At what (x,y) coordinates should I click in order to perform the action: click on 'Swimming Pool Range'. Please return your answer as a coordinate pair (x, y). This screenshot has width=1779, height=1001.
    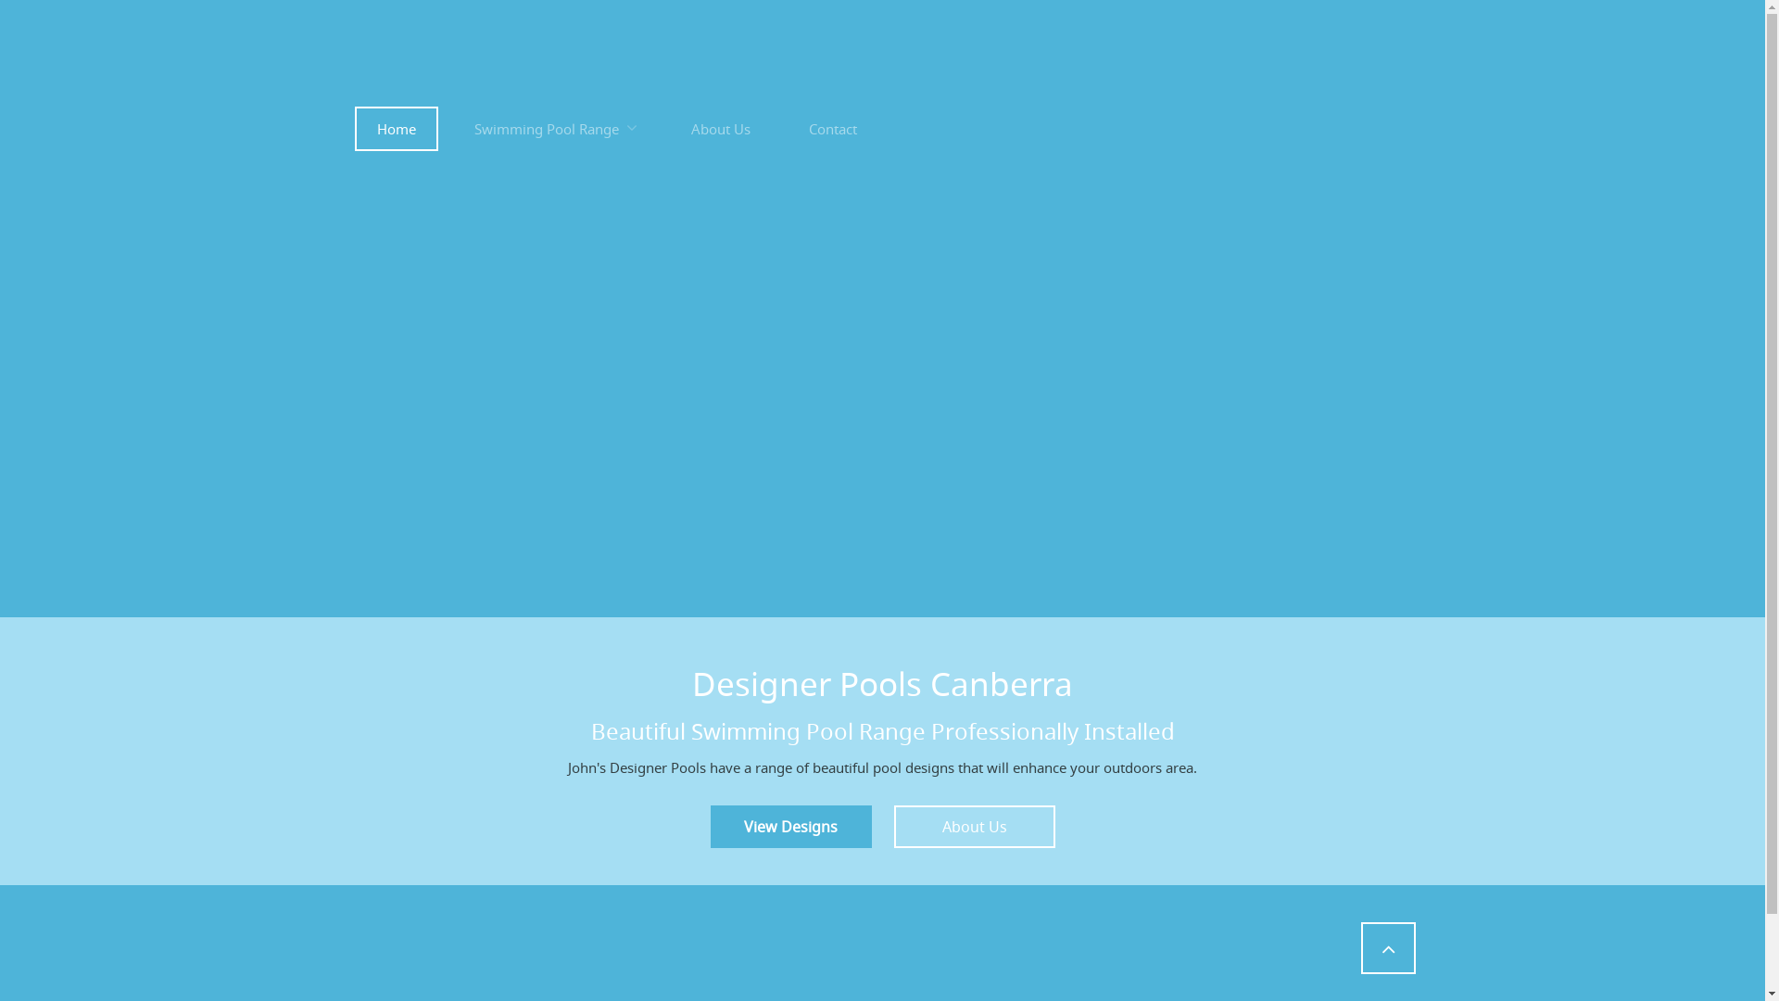
    Looking at the image, I should click on (552, 127).